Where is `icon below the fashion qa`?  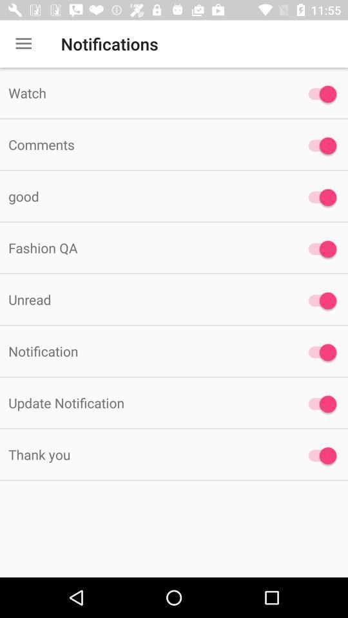
icon below the fashion qa is located at coordinates (144, 299).